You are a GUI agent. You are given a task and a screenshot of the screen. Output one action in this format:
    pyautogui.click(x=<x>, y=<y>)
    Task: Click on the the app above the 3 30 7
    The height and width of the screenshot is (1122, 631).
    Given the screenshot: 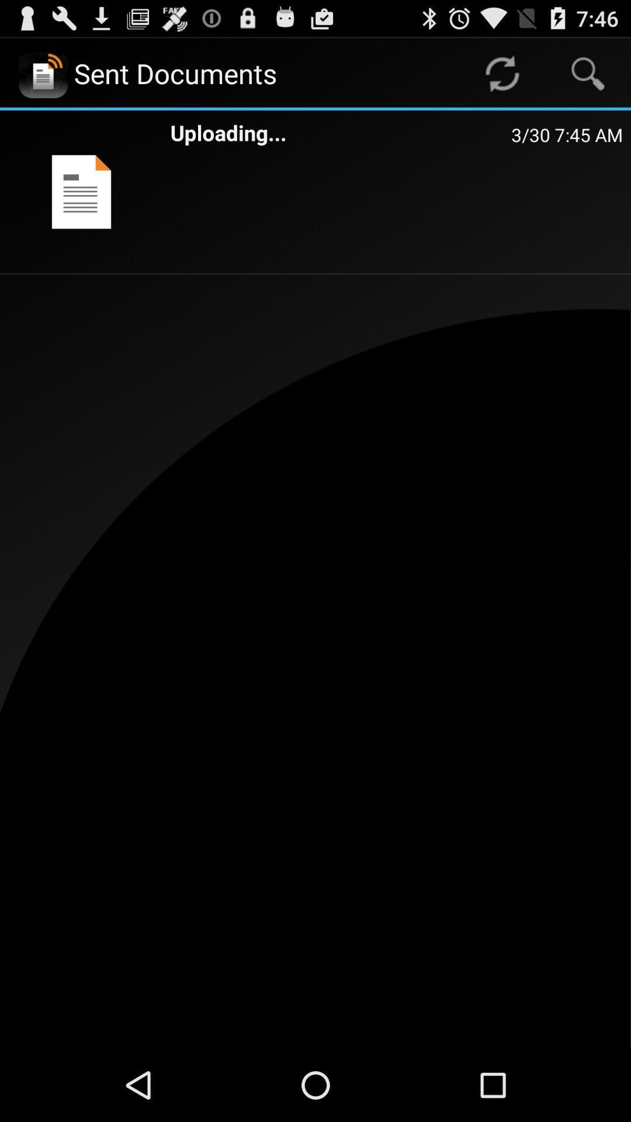 What is the action you would take?
    pyautogui.click(x=588, y=72)
    